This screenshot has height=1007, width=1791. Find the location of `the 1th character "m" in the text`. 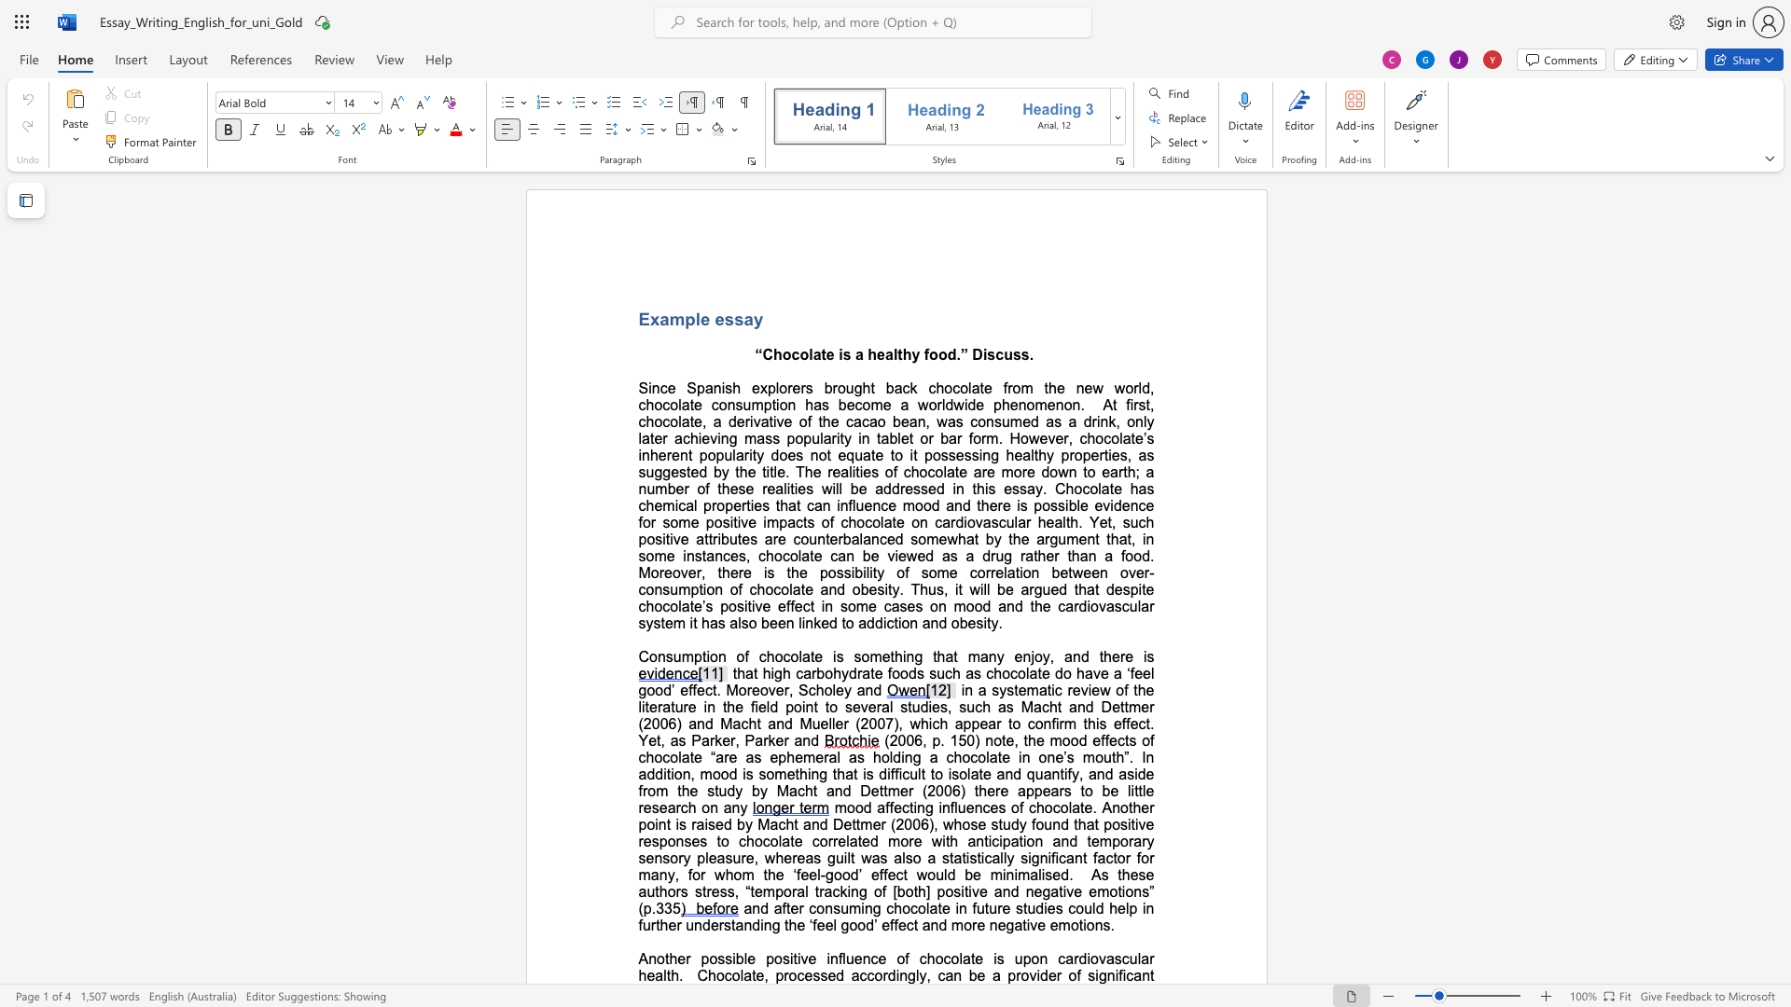

the 1th character "m" in the text is located at coordinates (675, 318).